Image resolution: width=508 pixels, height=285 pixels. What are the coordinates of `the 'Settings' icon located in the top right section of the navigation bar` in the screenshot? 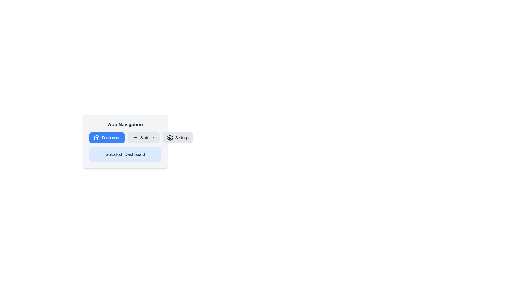 It's located at (170, 137).